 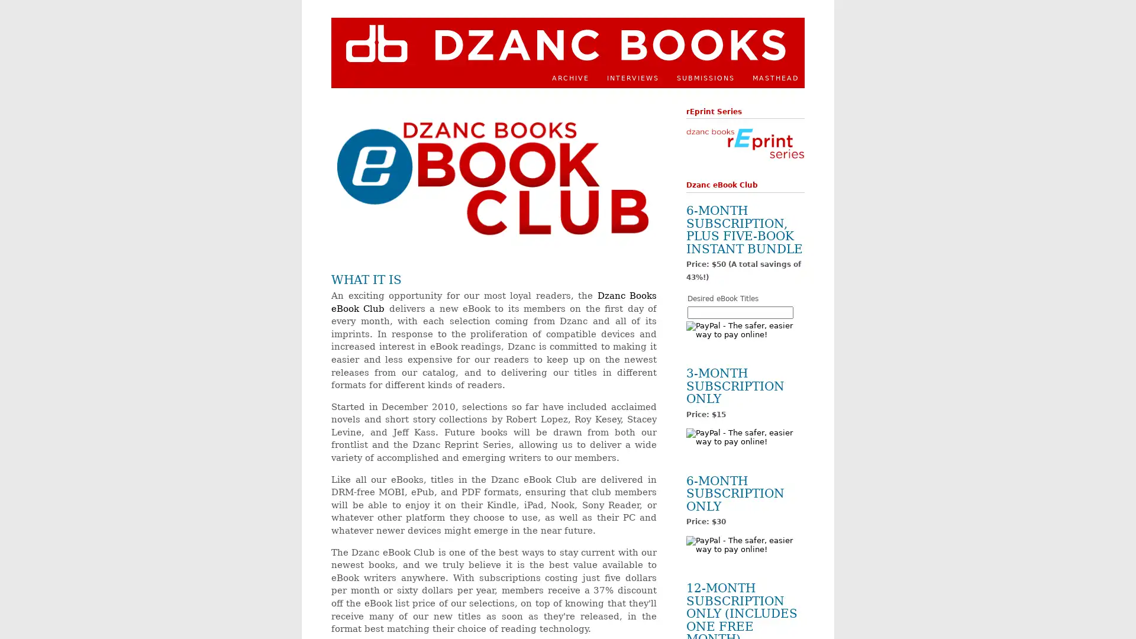 I want to click on PayPal - The safer, easier way to pay online!, so click(x=744, y=544).